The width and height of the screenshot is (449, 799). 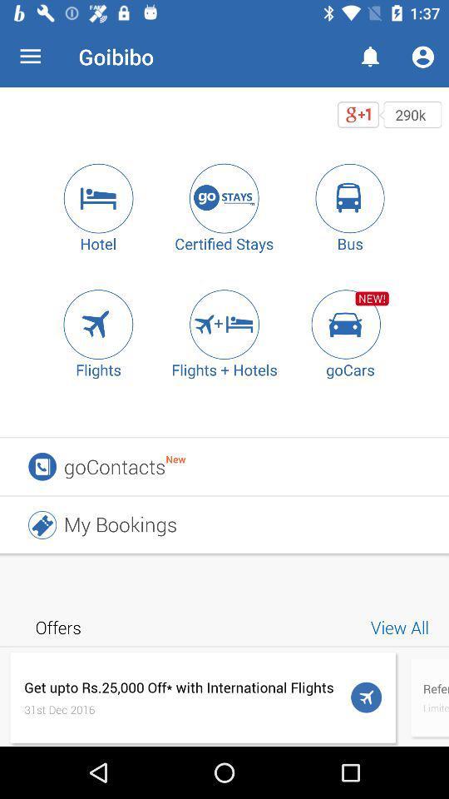 What do you see at coordinates (349, 198) in the screenshot?
I see `tap the bus icon to book travel by bus` at bounding box center [349, 198].